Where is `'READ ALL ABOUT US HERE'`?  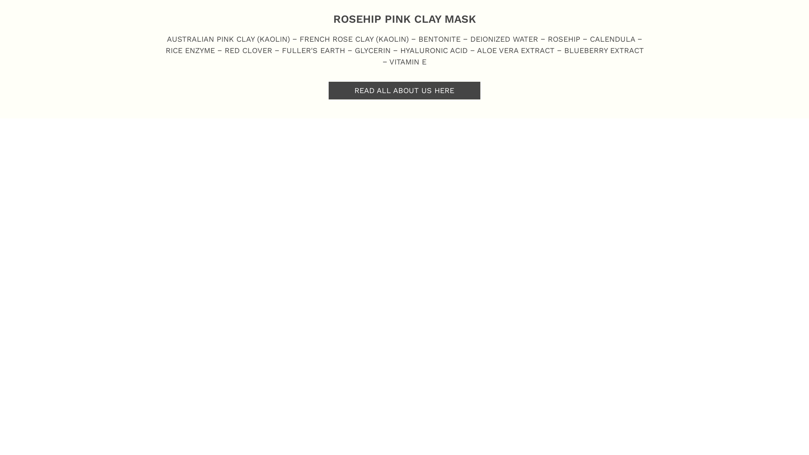
'READ ALL ABOUT US HERE' is located at coordinates (404, 91).